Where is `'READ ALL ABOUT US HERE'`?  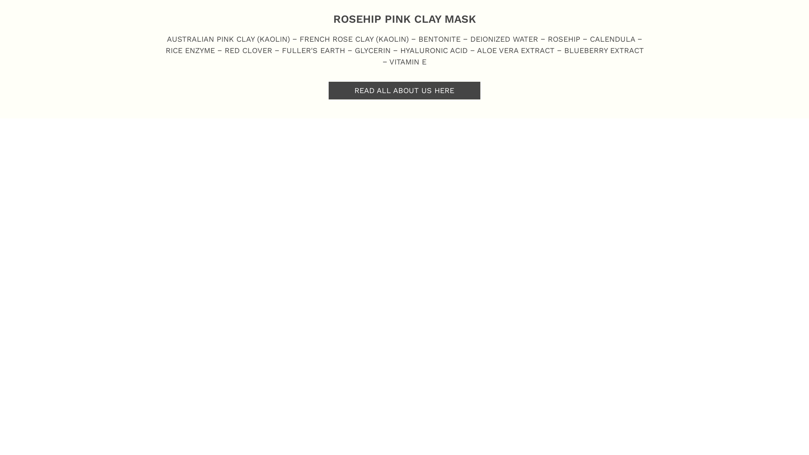
'READ ALL ABOUT US HERE' is located at coordinates (404, 91).